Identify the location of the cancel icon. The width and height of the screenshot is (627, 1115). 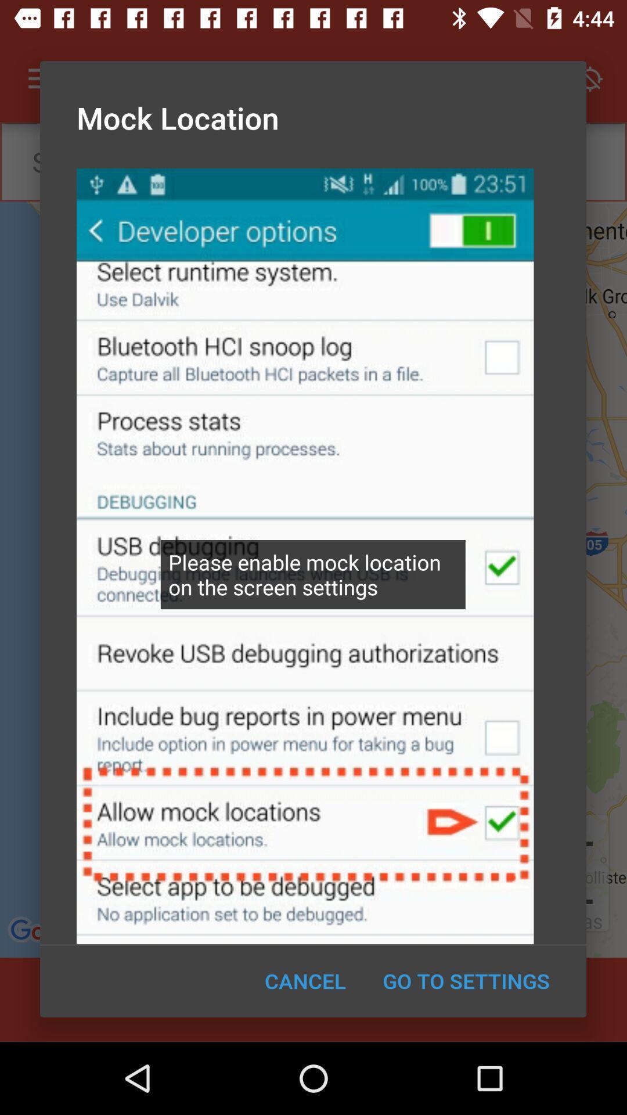
(305, 980).